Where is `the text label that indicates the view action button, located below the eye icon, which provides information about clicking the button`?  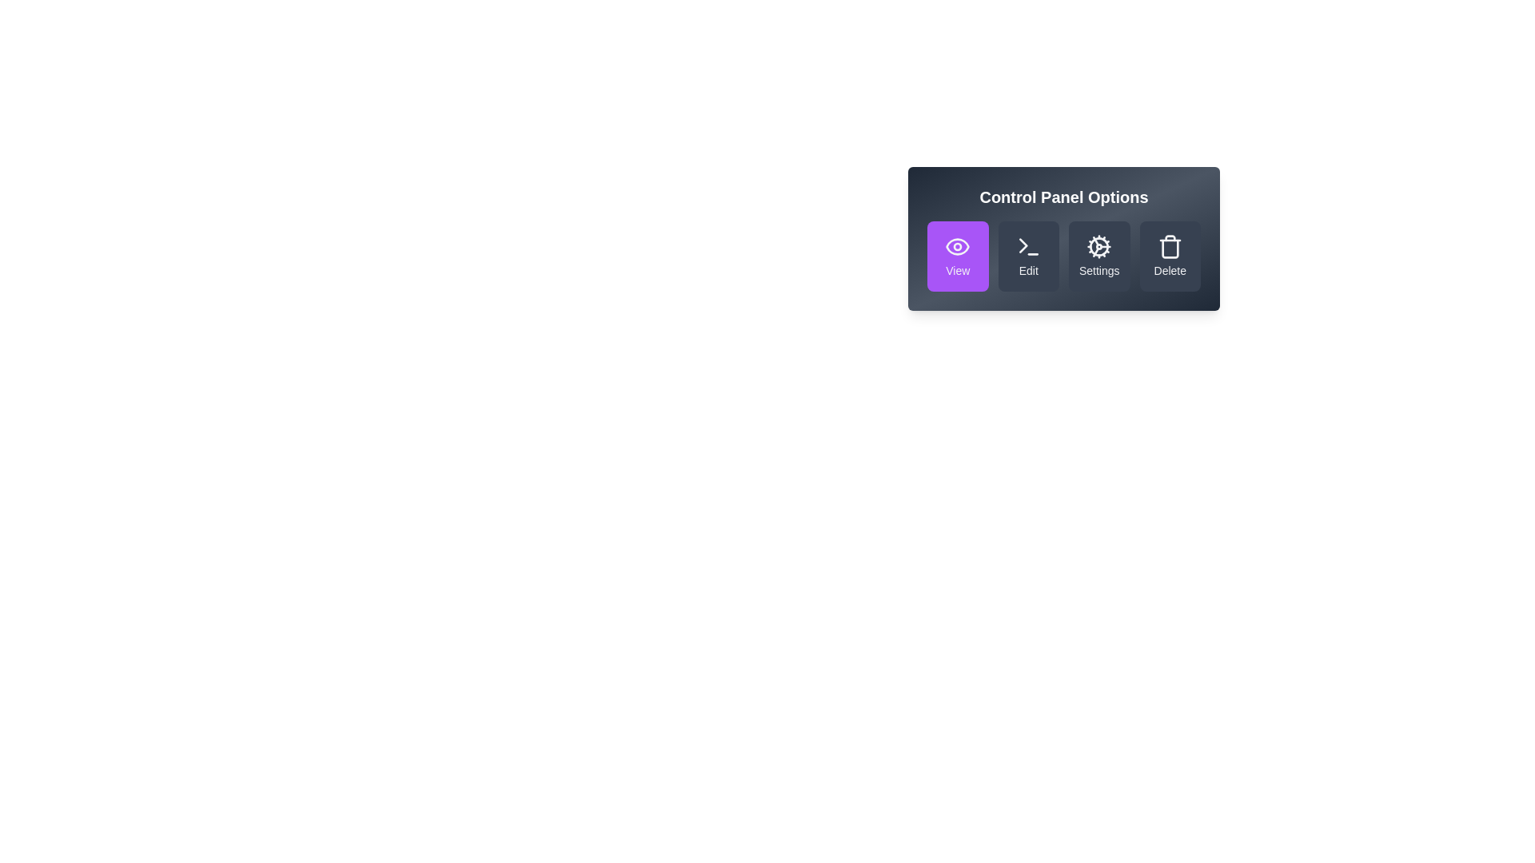 the text label that indicates the view action button, located below the eye icon, which provides information about clicking the button is located at coordinates (958, 270).